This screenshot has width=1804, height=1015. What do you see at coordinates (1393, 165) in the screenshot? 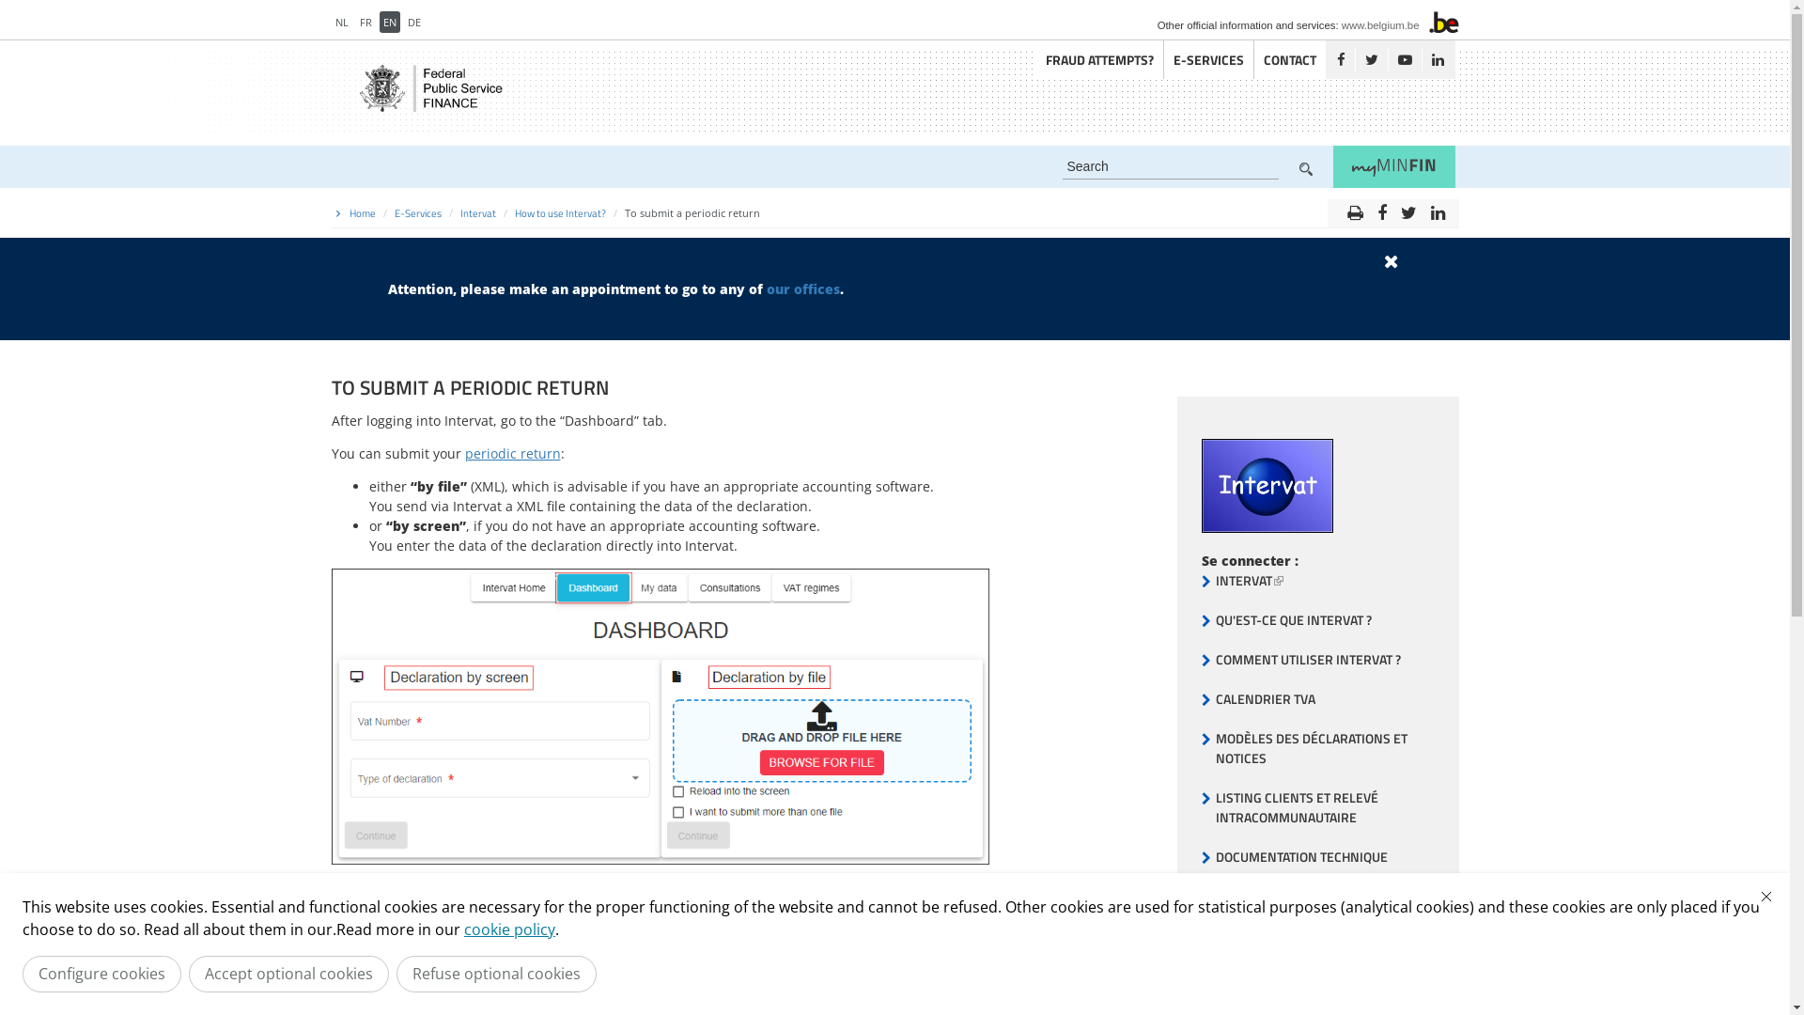
I see `'myMINFIN'` at bounding box center [1393, 165].